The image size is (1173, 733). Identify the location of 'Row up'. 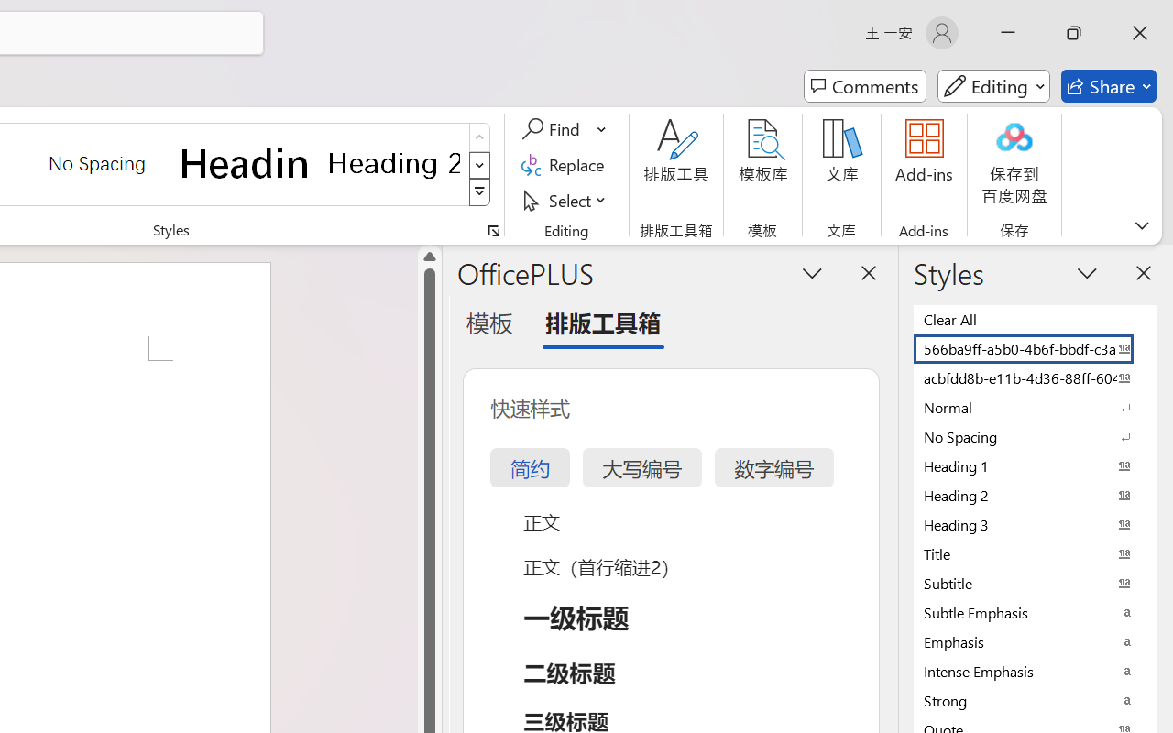
(479, 137).